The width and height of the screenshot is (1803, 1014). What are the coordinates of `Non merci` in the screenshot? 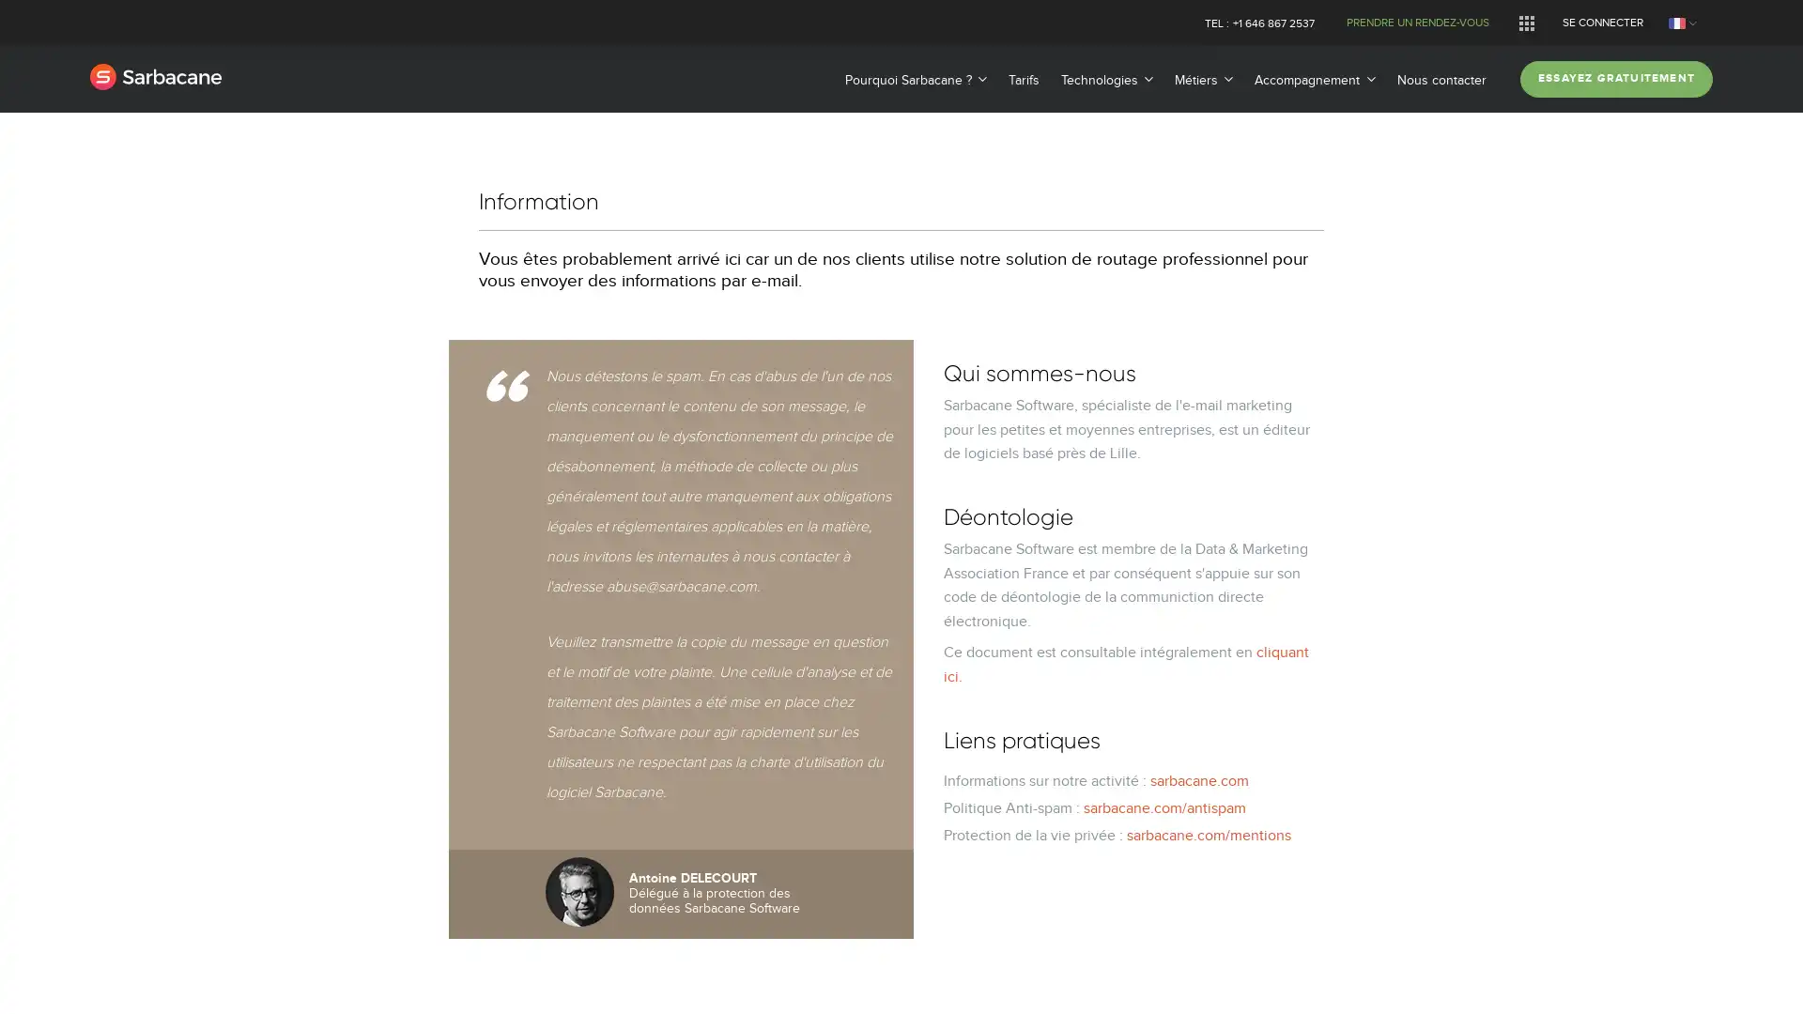 It's located at (751, 635).